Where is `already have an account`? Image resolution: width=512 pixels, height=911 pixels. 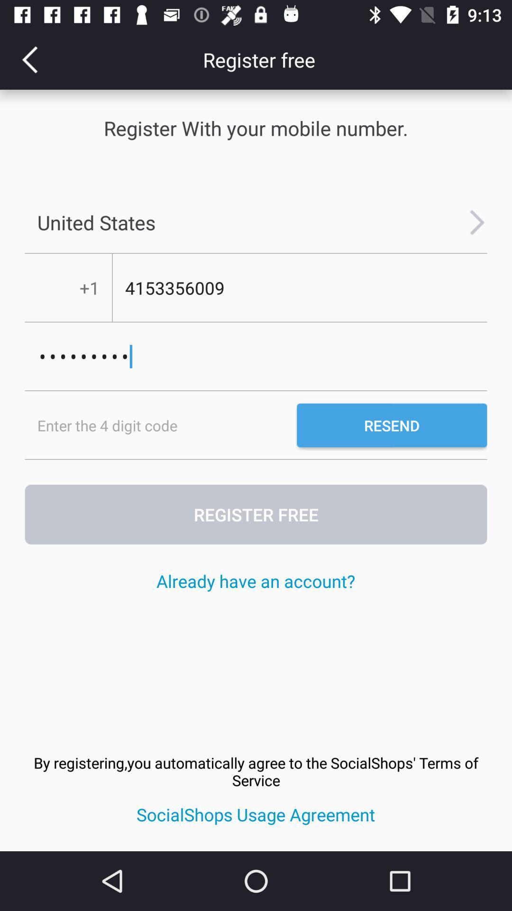
already have an account is located at coordinates (255, 580).